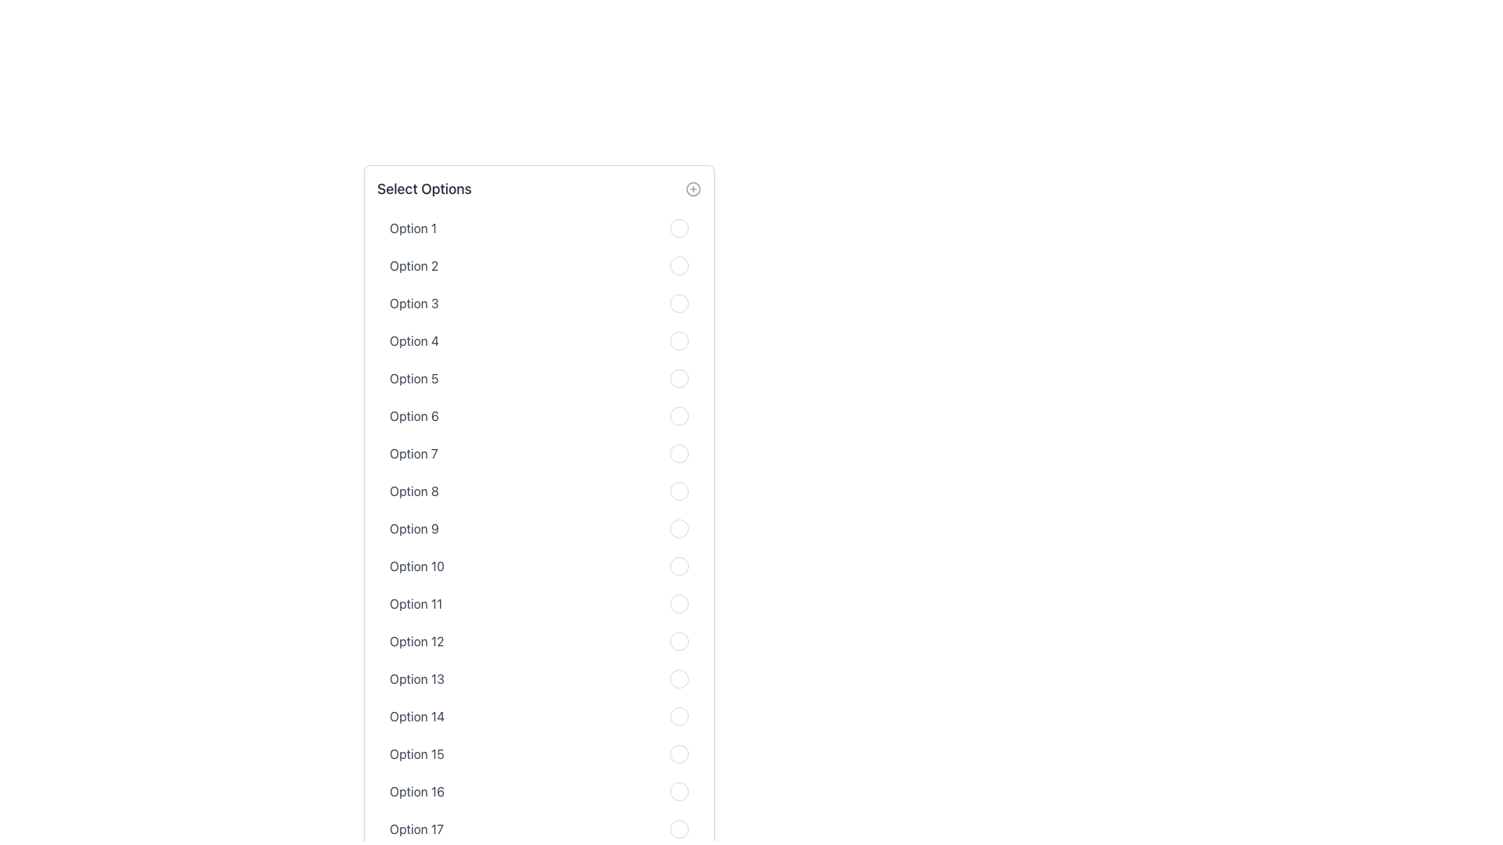  Describe the element at coordinates (413, 453) in the screenshot. I see `the text label displaying 'Option 7' in medium gray color, which is part of the list of options titled 'Select Options'` at that location.